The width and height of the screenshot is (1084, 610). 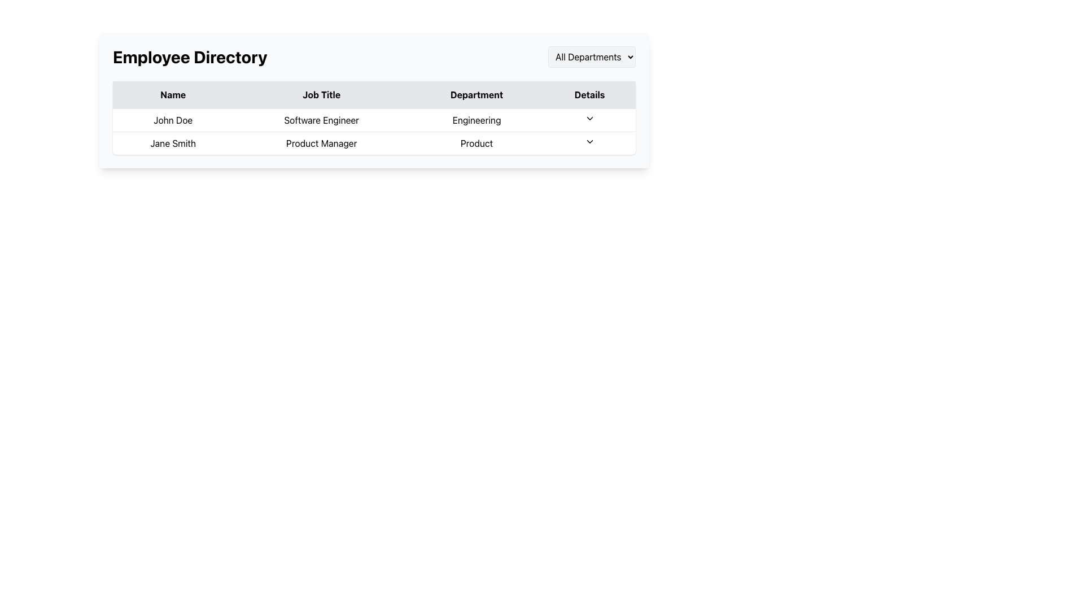 What do you see at coordinates (321, 142) in the screenshot?
I see `the text label displaying the job title of an individual in the employee directory, located in the second cell of the second row, under the 'Job Title' column` at bounding box center [321, 142].